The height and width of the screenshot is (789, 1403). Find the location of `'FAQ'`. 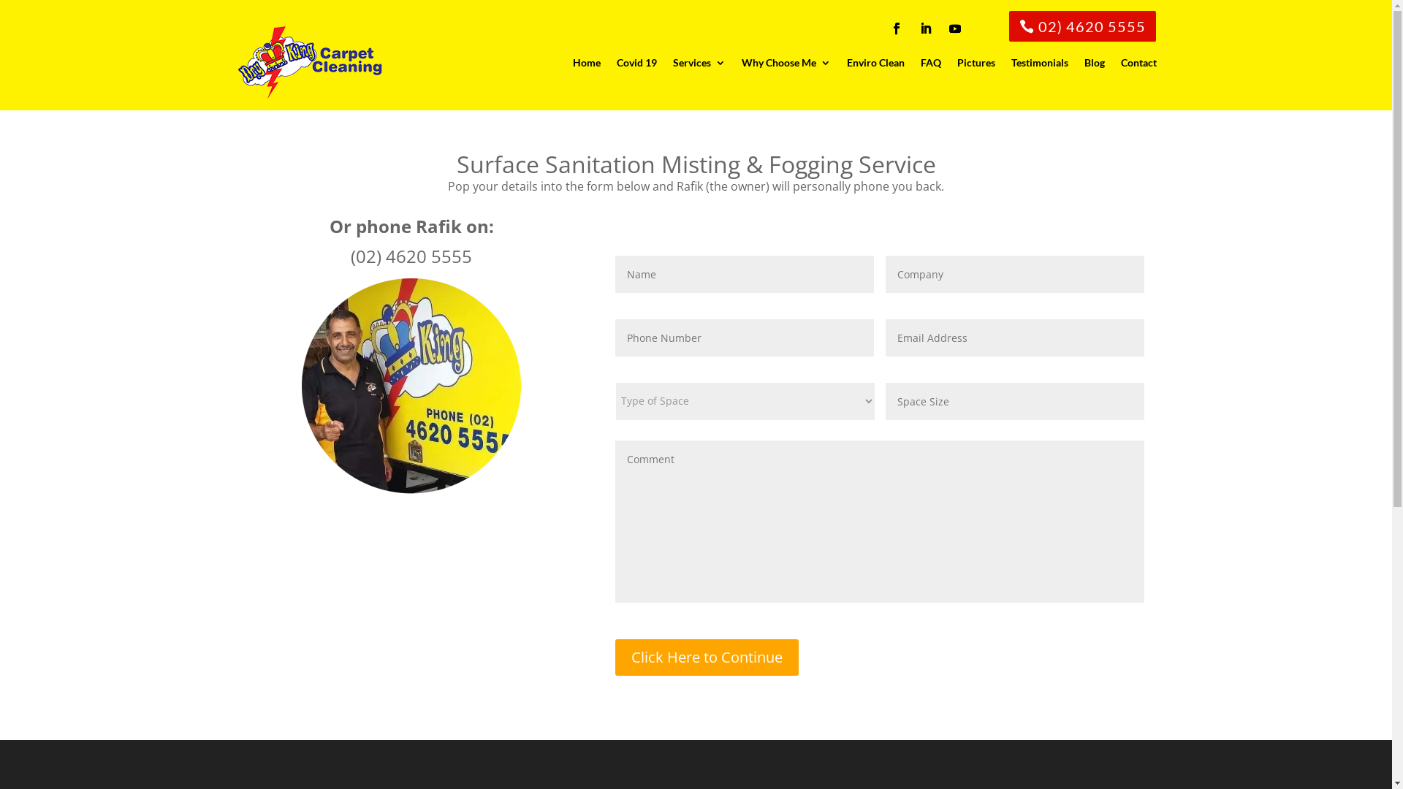

'FAQ' is located at coordinates (929, 61).